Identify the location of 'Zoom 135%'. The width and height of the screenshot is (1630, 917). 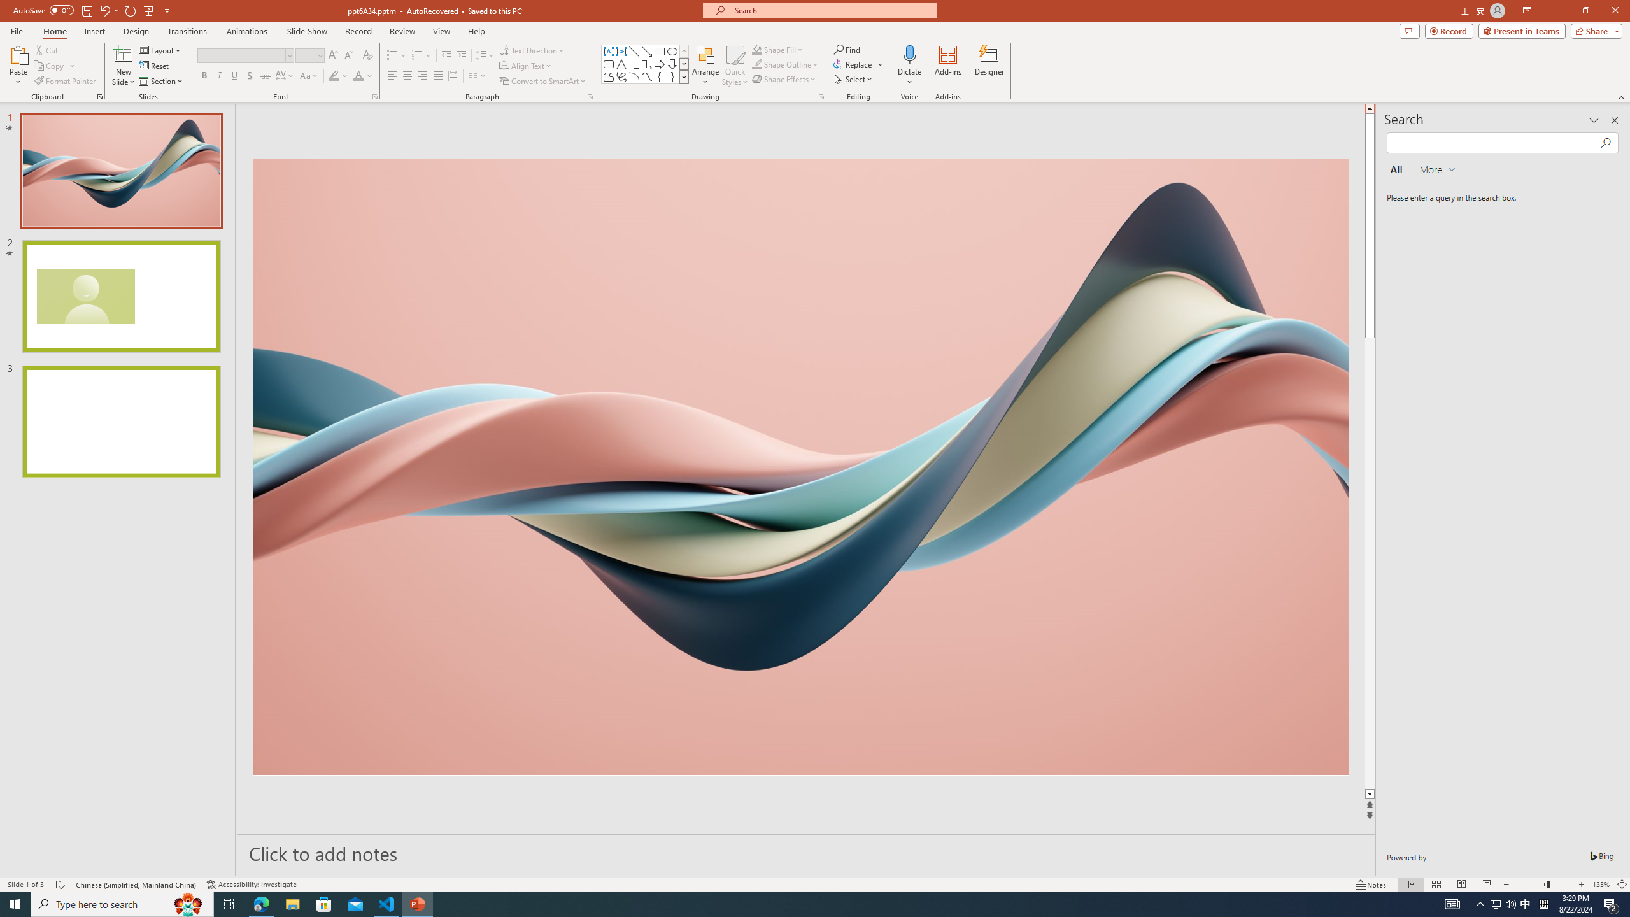
(1601, 885).